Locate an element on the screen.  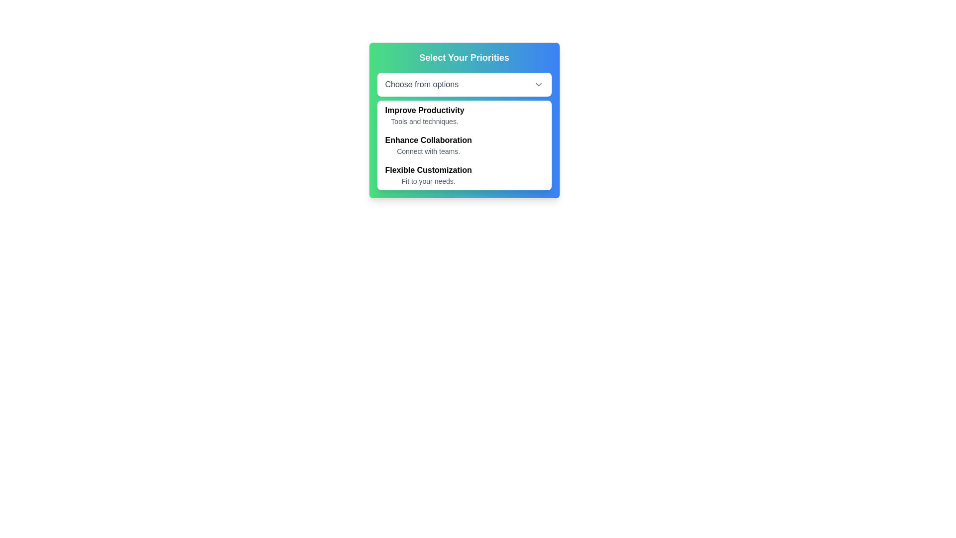
the static text element labeled 'Select Your Priorities' at the top of the panel with a gradient background is located at coordinates (464, 57).